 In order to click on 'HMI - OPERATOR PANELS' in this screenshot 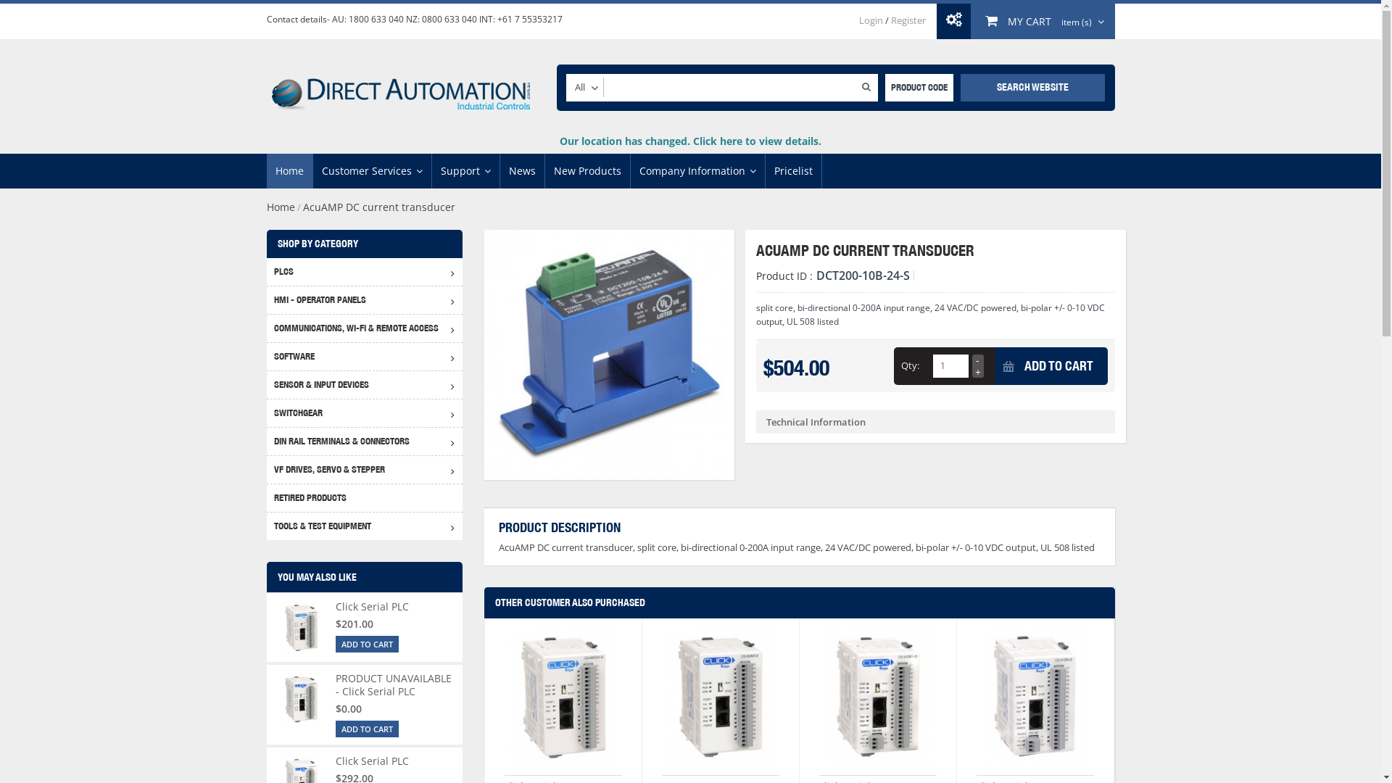, I will do `click(365, 299)`.